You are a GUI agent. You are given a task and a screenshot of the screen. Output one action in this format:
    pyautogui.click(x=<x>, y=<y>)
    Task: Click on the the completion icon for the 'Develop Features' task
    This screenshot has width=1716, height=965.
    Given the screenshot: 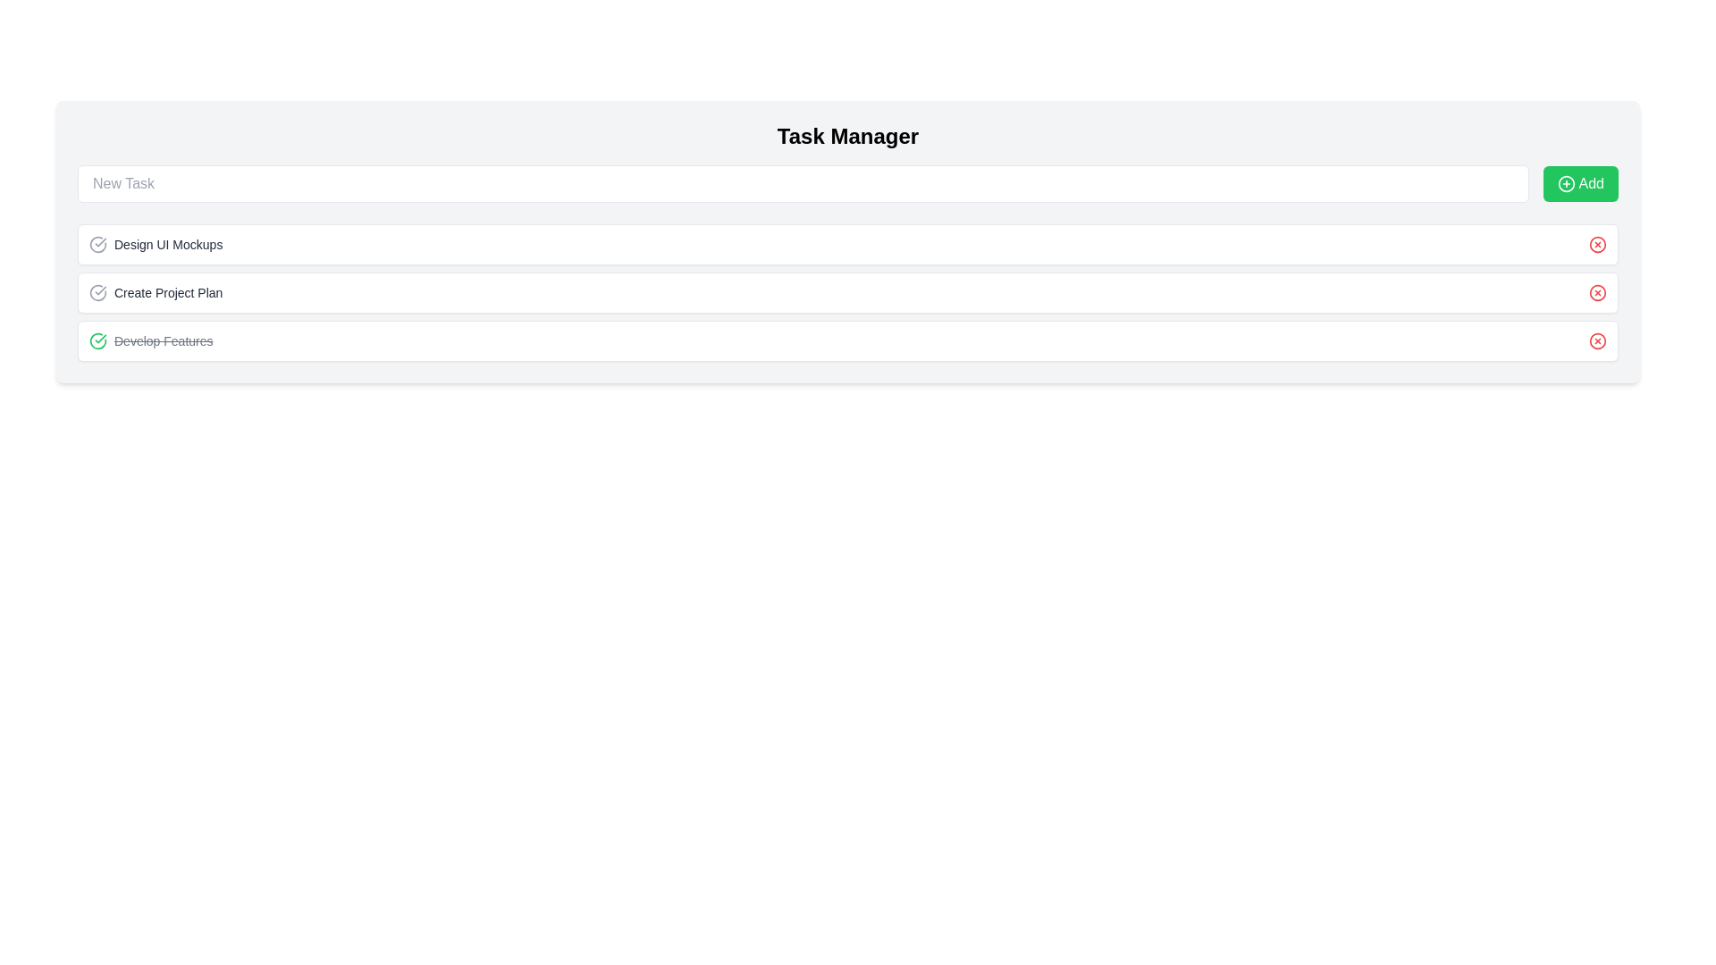 What is the action you would take?
    pyautogui.click(x=97, y=340)
    